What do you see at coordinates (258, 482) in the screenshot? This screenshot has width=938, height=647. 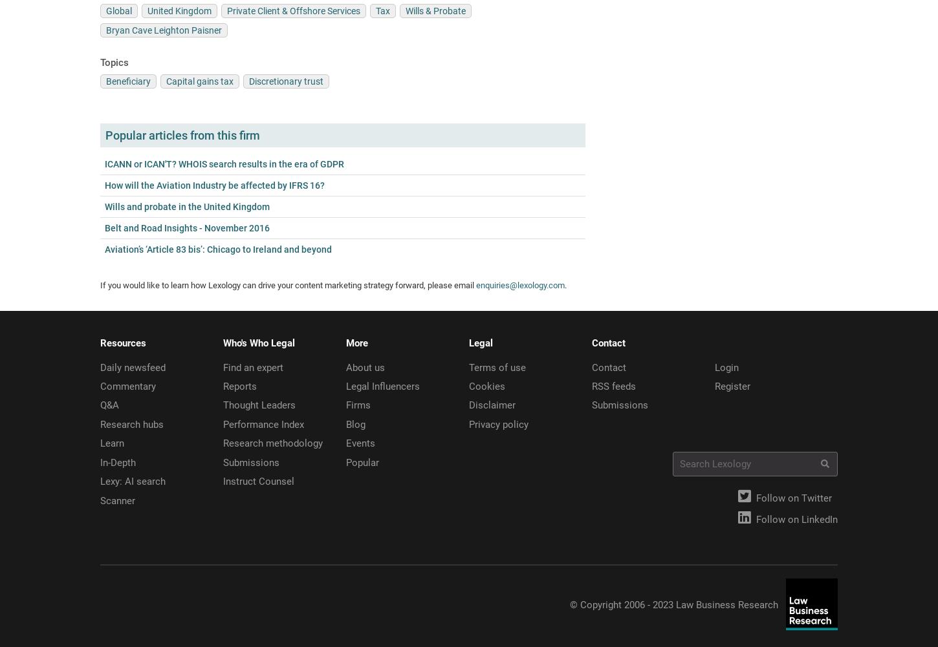 I see `'Instruct Counsel'` at bounding box center [258, 482].